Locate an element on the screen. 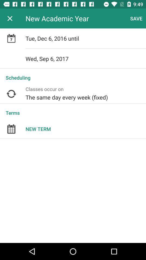 The height and width of the screenshot is (260, 146). the the same day icon is located at coordinates (86, 94).